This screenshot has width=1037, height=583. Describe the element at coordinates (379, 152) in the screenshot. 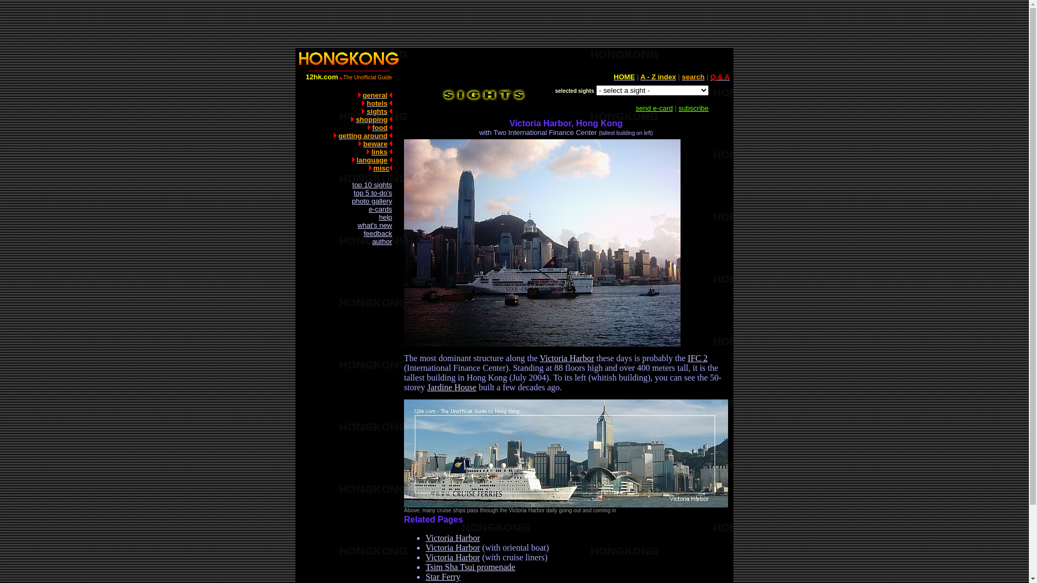

I see `'links'` at that location.